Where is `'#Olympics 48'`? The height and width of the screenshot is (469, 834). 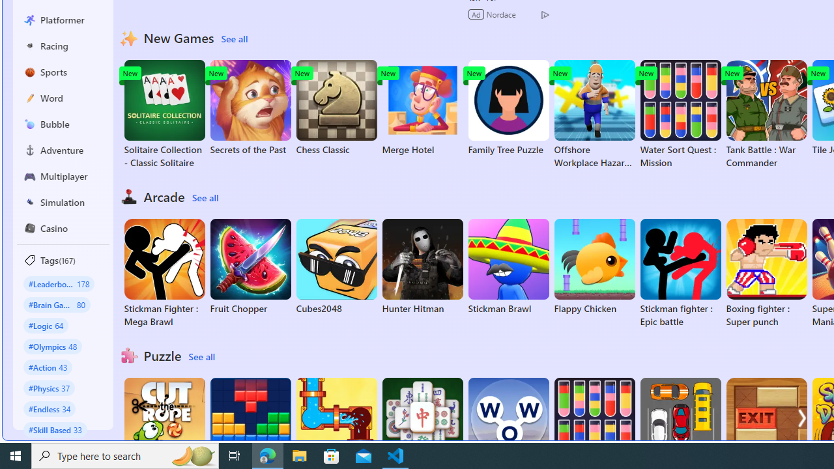 '#Olympics 48' is located at coordinates (52, 345).